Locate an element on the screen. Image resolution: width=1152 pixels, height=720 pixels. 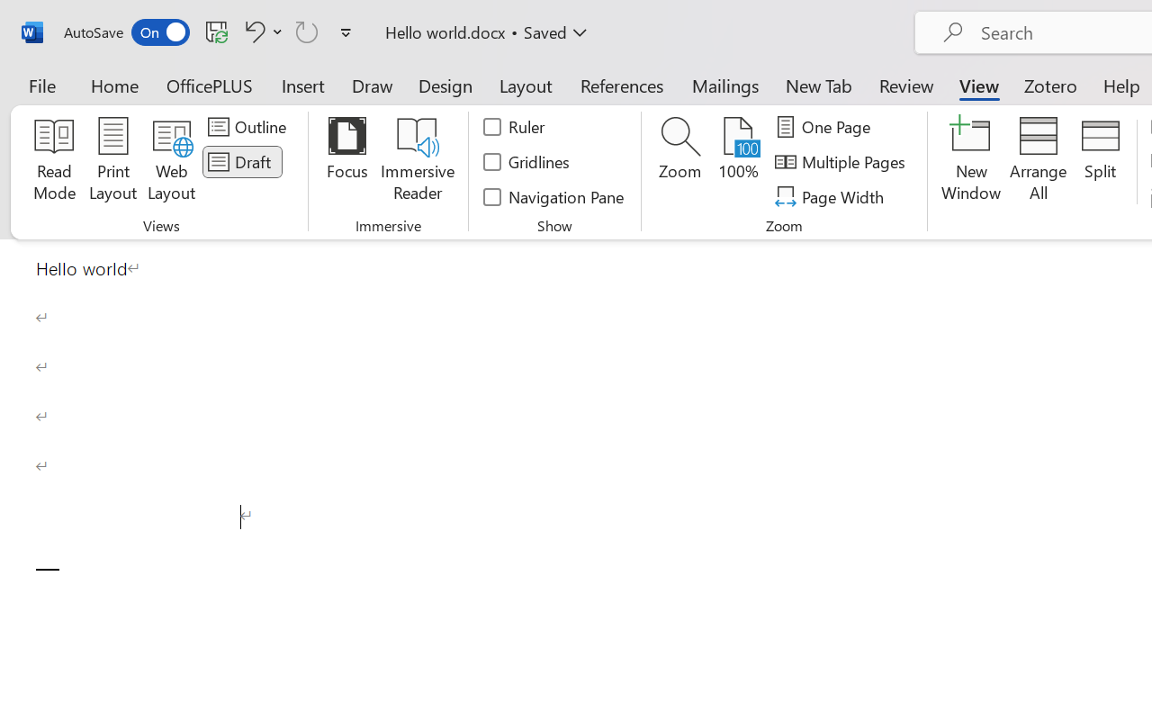
'Draw' is located at coordinates (372, 85).